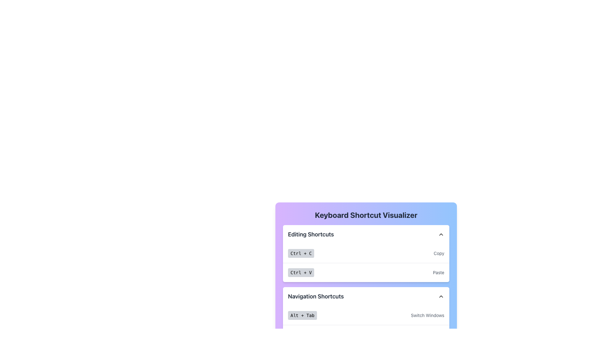 This screenshot has width=605, height=340. Describe the element at coordinates (366, 315) in the screenshot. I see `the descriptive UI element that describes the keyboard shortcut 'Alt + Tab' and its function 'Switch Windows', located in the middle section of the 'Navigation Shortcuts' category` at that location.